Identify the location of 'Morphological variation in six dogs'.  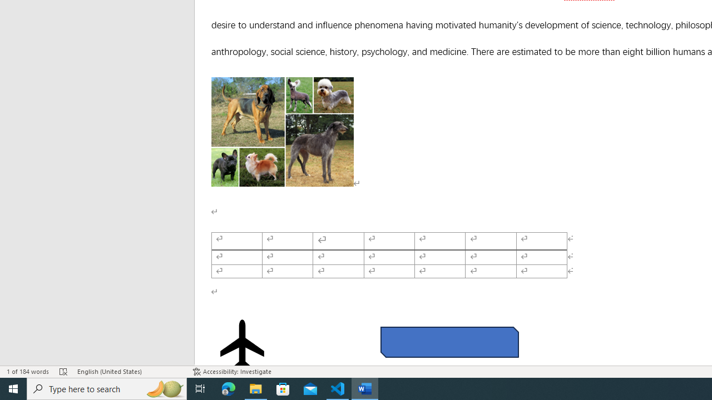
(283, 131).